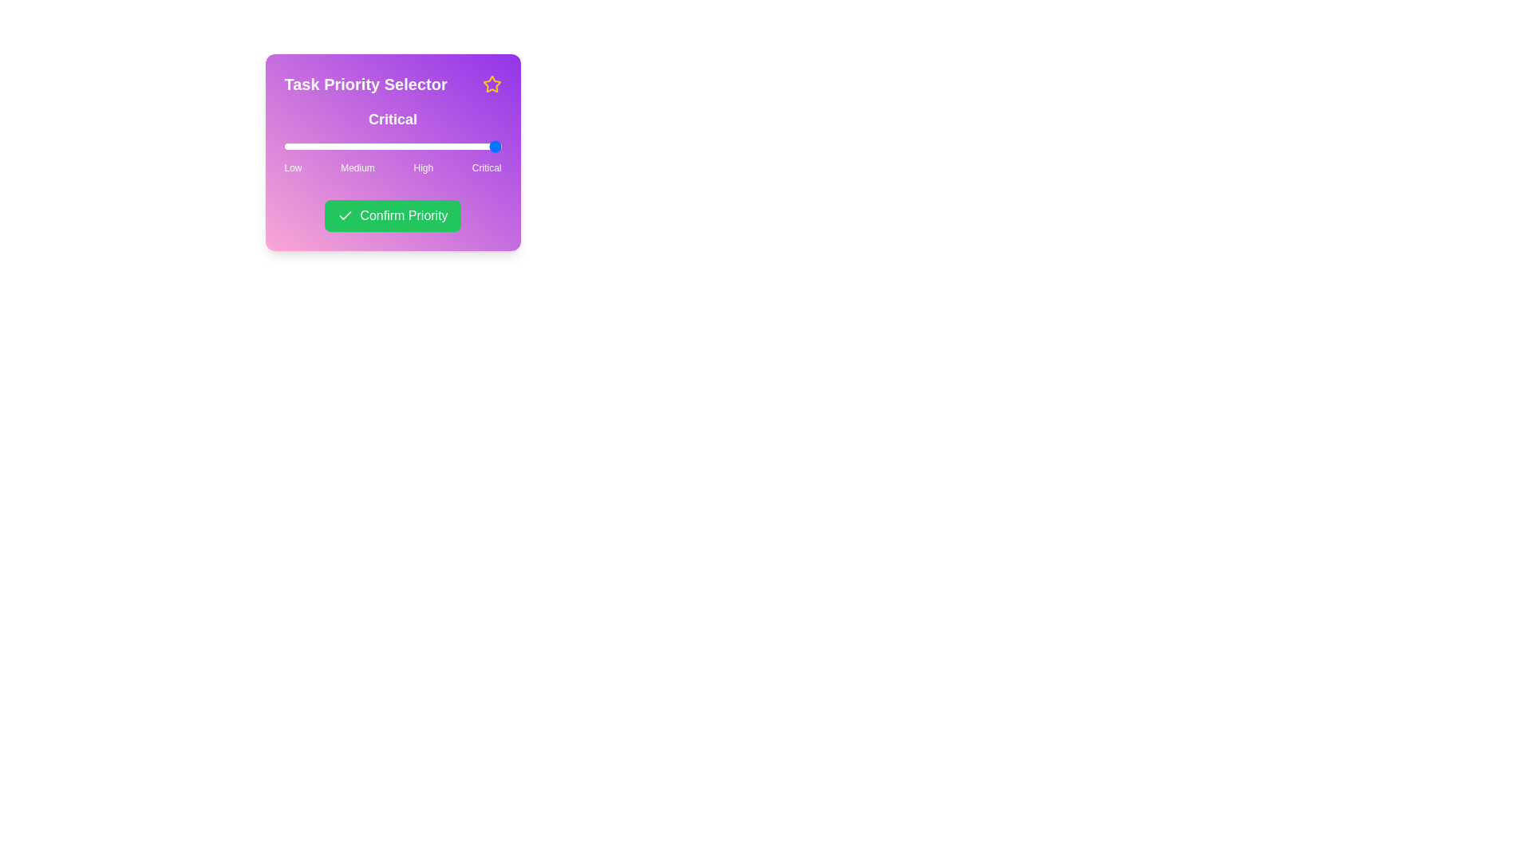 The image size is (1532, 861). What do you see at coordinates (393, 215) in the screenshot?
I see `the green 'Confirm Priority' button with rounded edges that has a white checkmark icon and white text, located at the bottom center of the interface to confirm the selection` at bounding box center [393, 215].